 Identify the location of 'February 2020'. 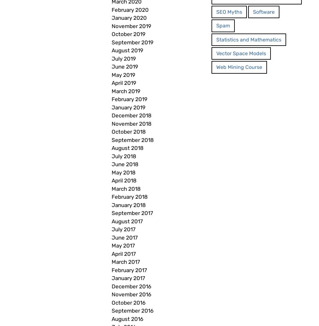
(111, 9).